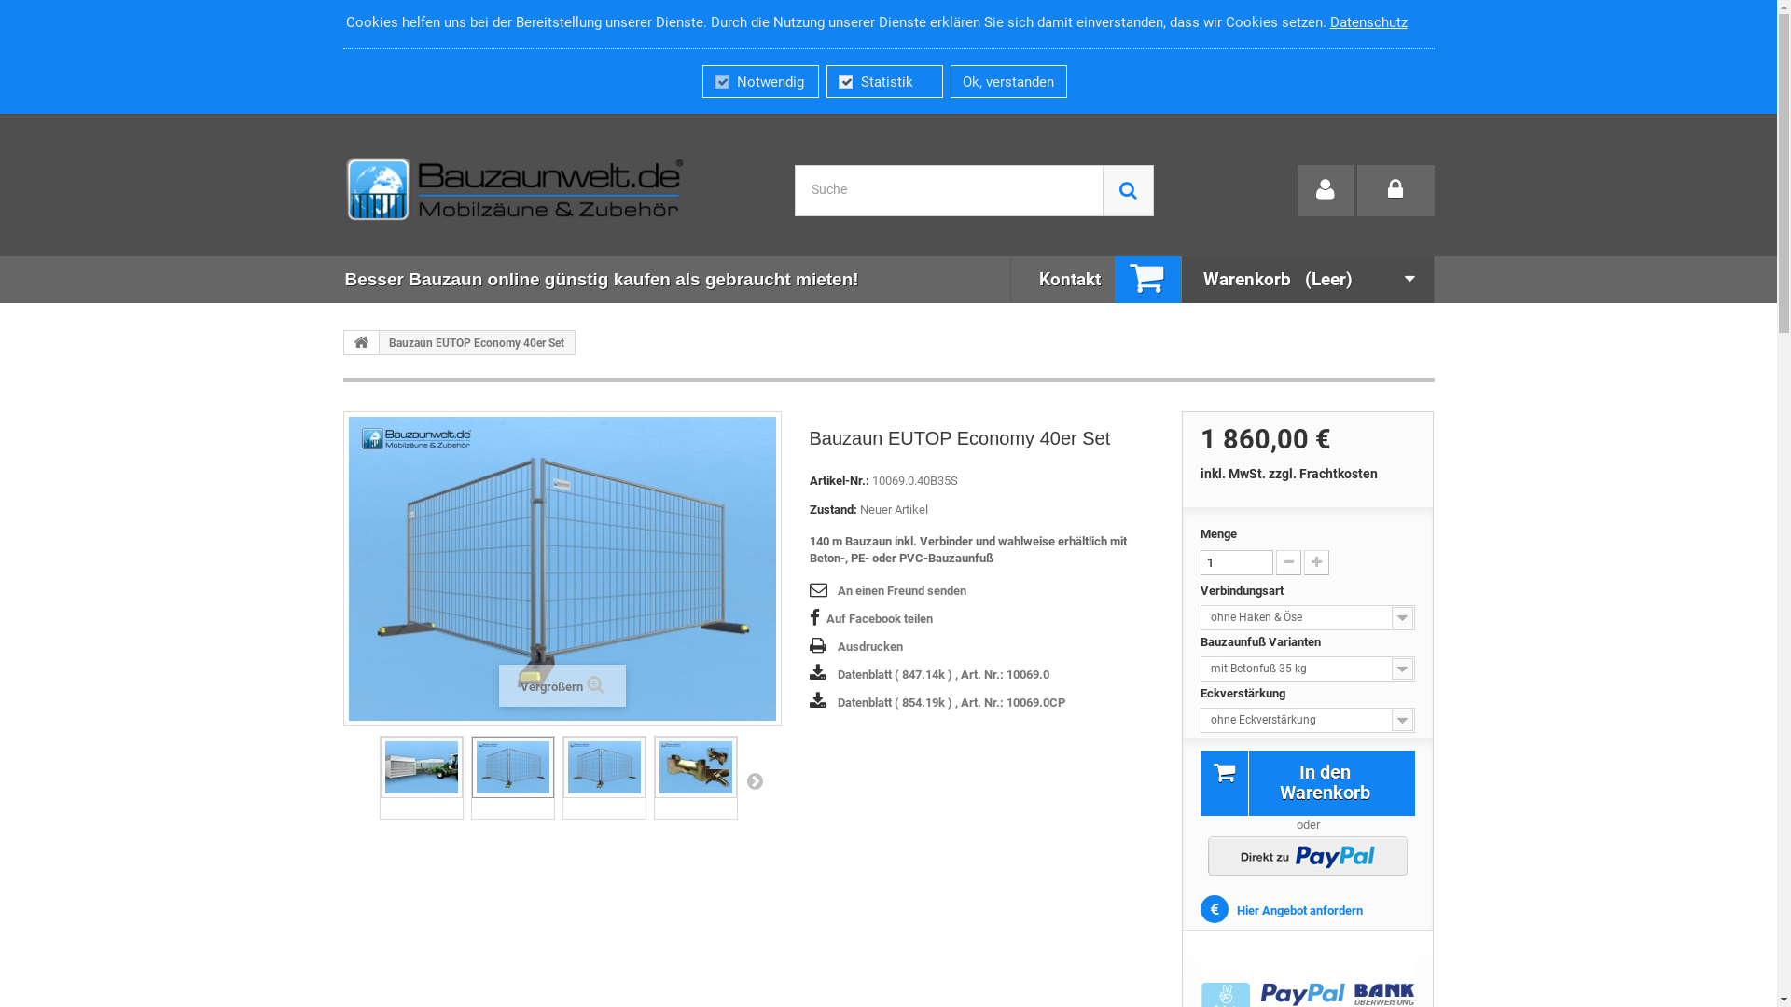 This screenshot has width=1791, height=1007. What do you see at coordinates (1306, 783) in the screenshot?
I see `'In den Warenkorb'` at bounding box center [1306, 783].